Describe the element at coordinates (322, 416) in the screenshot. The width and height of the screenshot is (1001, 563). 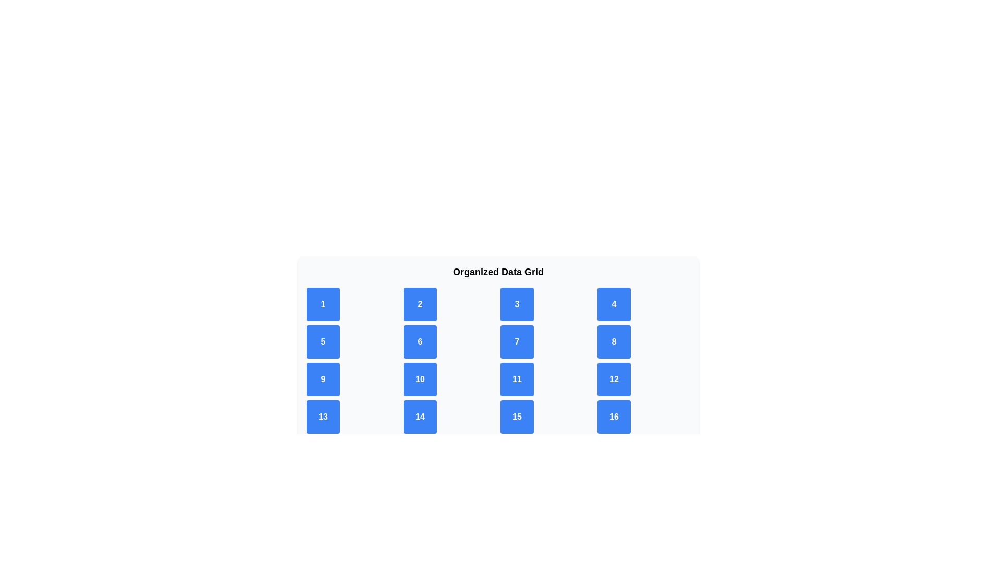
I see `the rounded square blue button labeled '13' that is located in the fourth row and the first column of a 4x4 grid layout` at that location.